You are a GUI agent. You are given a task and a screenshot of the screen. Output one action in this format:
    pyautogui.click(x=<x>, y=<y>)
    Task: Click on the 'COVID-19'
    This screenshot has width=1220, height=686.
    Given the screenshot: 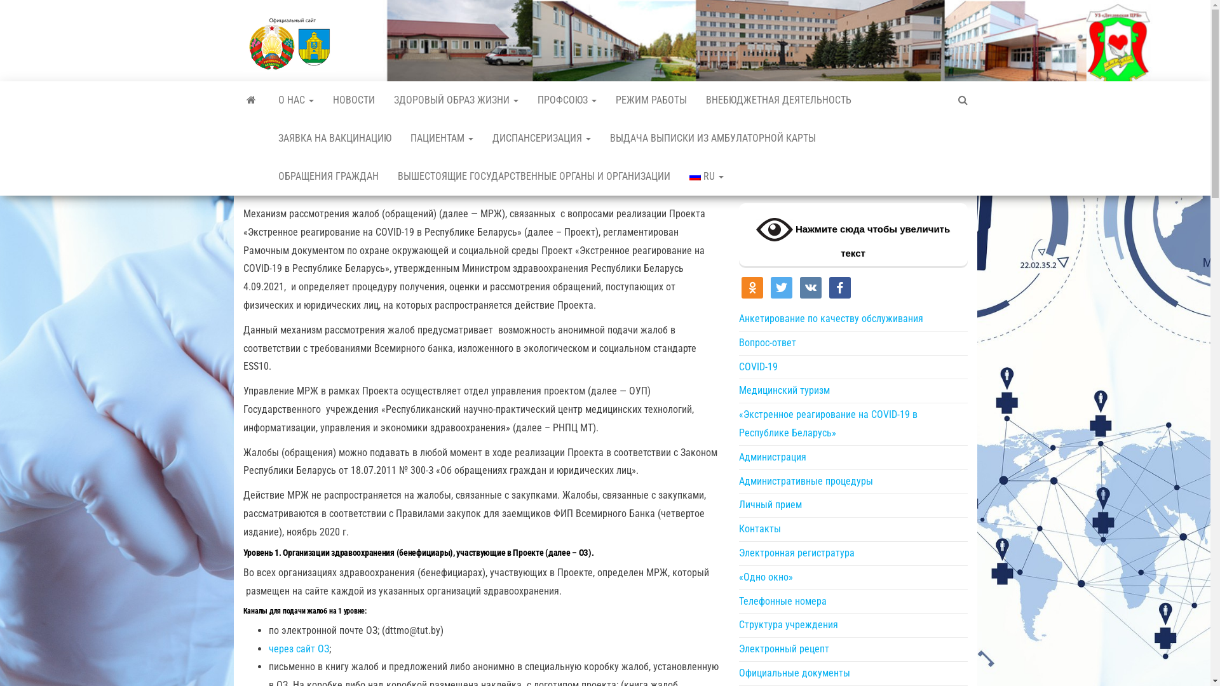 What is the action you would take?
    pyautogui.click(x=757, y=367)
    